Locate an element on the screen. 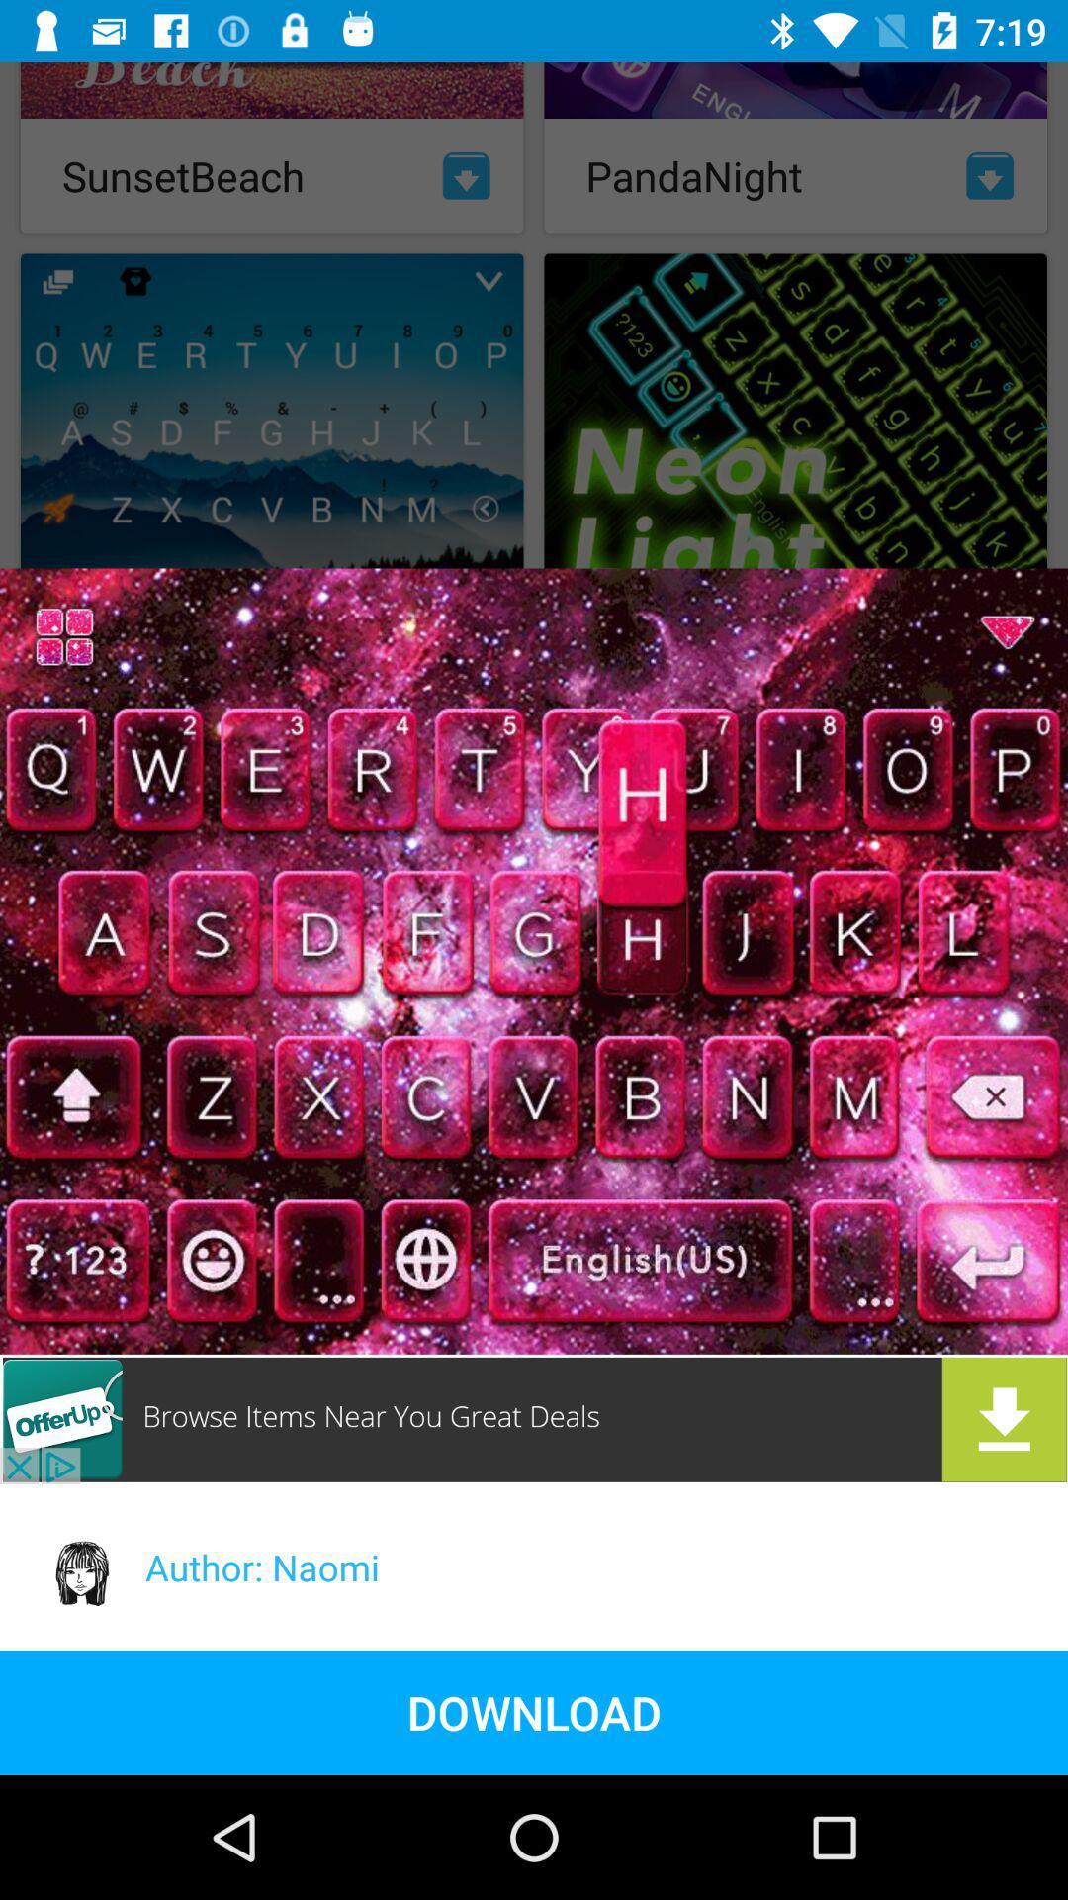 Image resolution: width=1068 pixels, height=1900 pixels. open advertisement is located at coordinates (534, 1418).